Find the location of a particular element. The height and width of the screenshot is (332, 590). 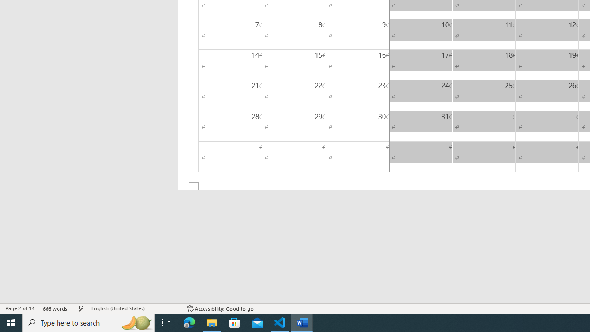

'Accessibility Checker Accessibility: Good to go' is located at coordinates (220, 308).